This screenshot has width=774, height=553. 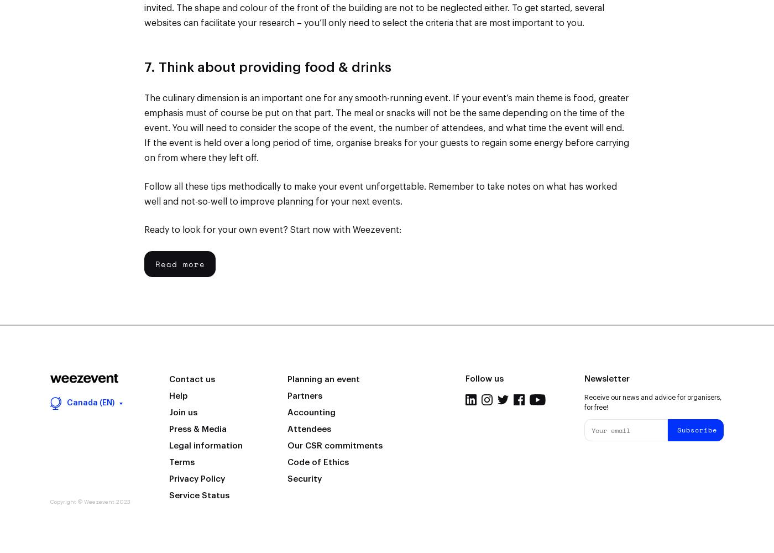 What do you see at coordinates (305, 478) in the screenshot?
I see `'Security'` at bounding box center [305, 478].